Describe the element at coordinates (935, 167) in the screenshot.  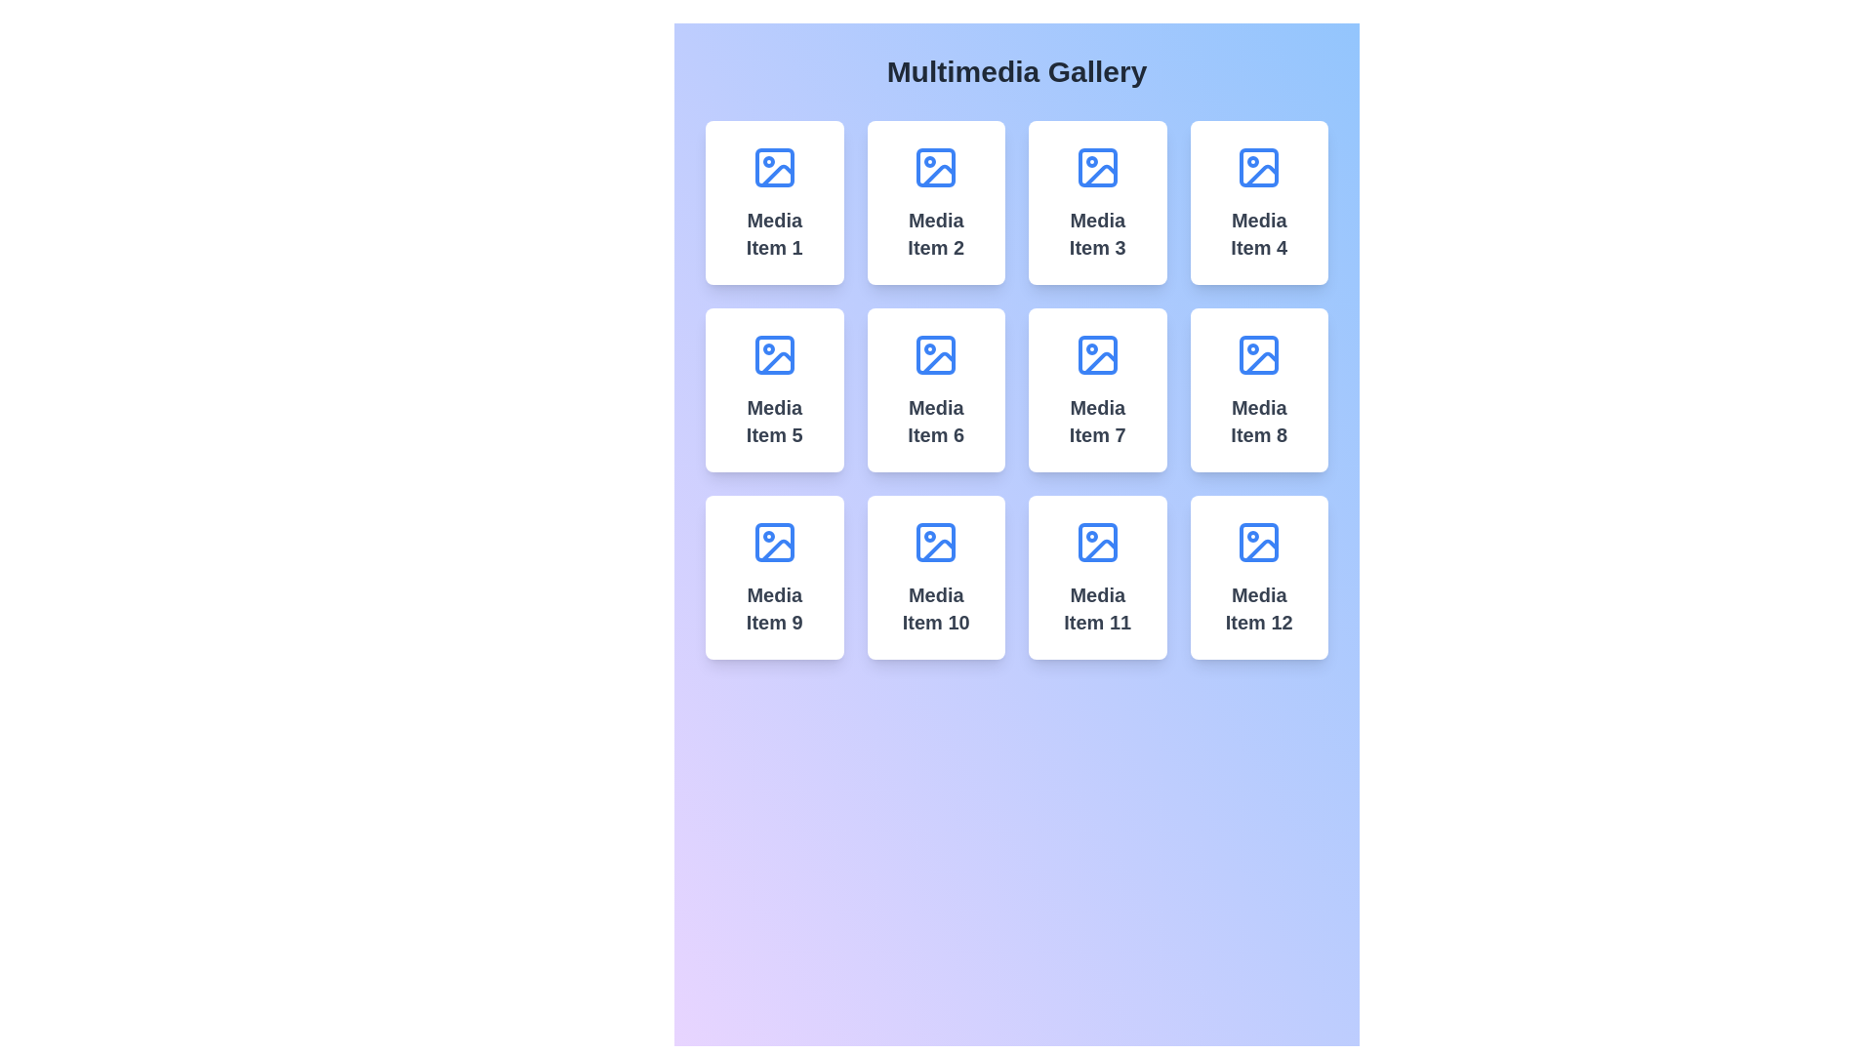
I see `the blue picture frame icon located at the top center of the card labeled 'Media Item 2' in the multimedia gallery grid` at that location.